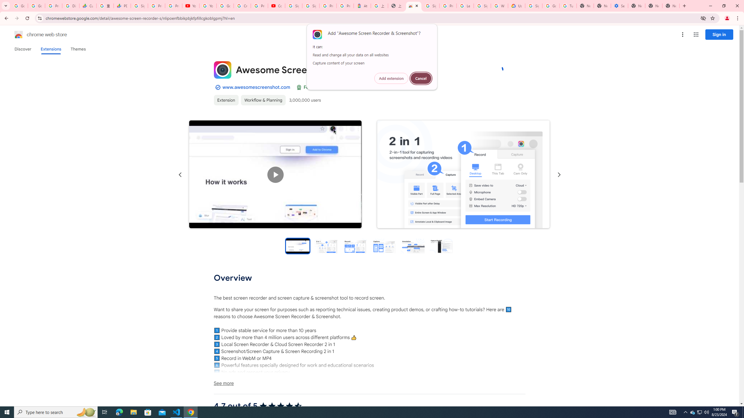 Image resolution: width=744 pixels, height=418 pixels. I want to click on 'Microsoft Edge', so click(119, 412).